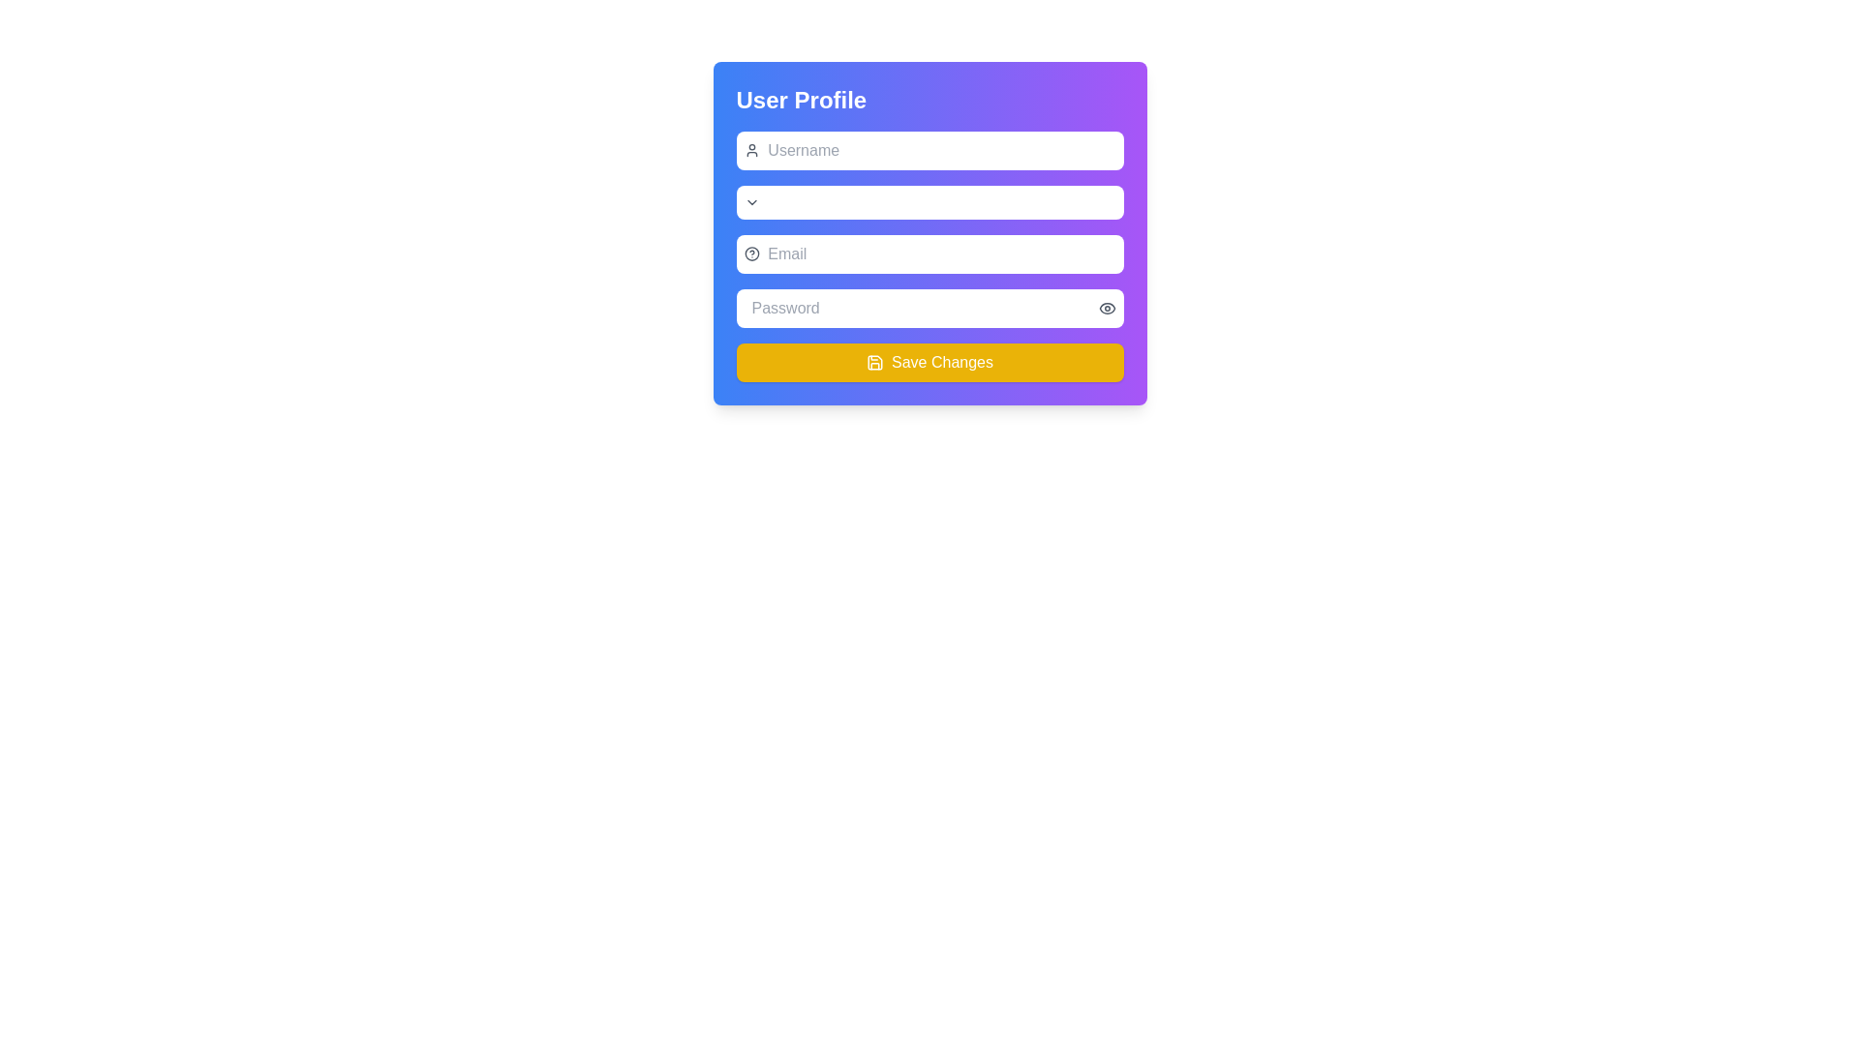 The height and width of the screenshot is (1045, 1859). I want to click on the save icon located inside the yellow 'Save Changes' button at the bottom of the user profile form, so click(873, 362).